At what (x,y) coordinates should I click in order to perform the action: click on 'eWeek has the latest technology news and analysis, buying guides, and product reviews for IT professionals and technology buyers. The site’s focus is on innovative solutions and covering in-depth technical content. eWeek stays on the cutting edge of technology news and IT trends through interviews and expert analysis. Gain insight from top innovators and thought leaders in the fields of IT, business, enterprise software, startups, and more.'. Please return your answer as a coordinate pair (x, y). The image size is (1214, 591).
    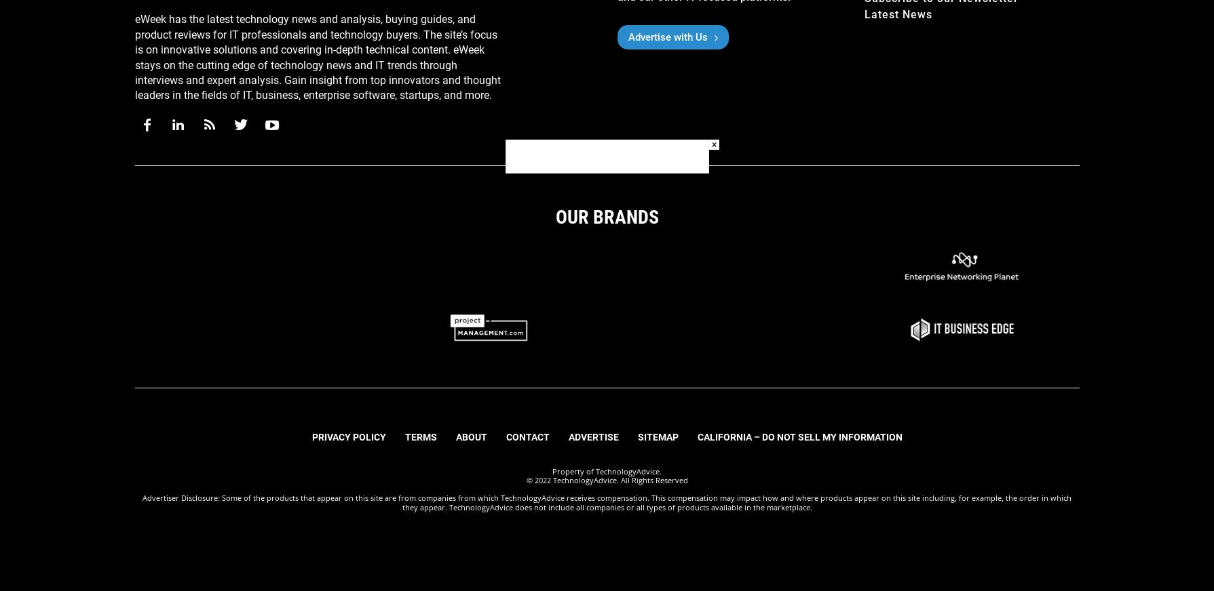
    Looking at the image, I should click on (316, 56).